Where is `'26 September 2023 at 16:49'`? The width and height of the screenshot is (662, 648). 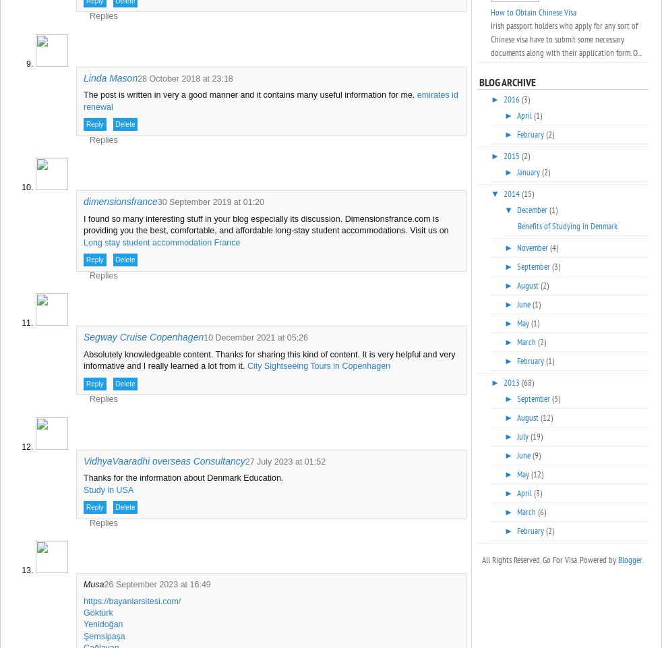 '26 September 2023 at 16:49' is located at coordinates (156, 584).